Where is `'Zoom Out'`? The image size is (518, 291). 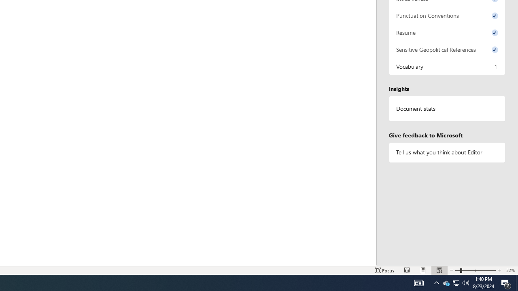 'Zoom Out' is located at coordinates (457, 270).